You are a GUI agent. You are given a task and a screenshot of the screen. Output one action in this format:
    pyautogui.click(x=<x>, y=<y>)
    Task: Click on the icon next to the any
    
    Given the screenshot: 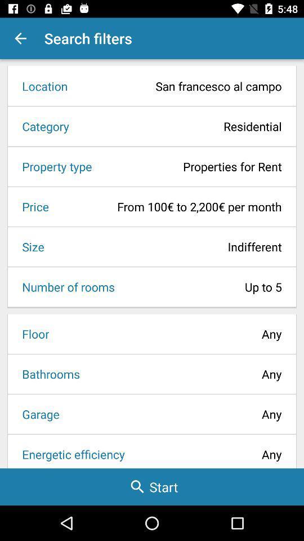 What is the action you would take?
    pyautogui.click(x=47, y=374)
    